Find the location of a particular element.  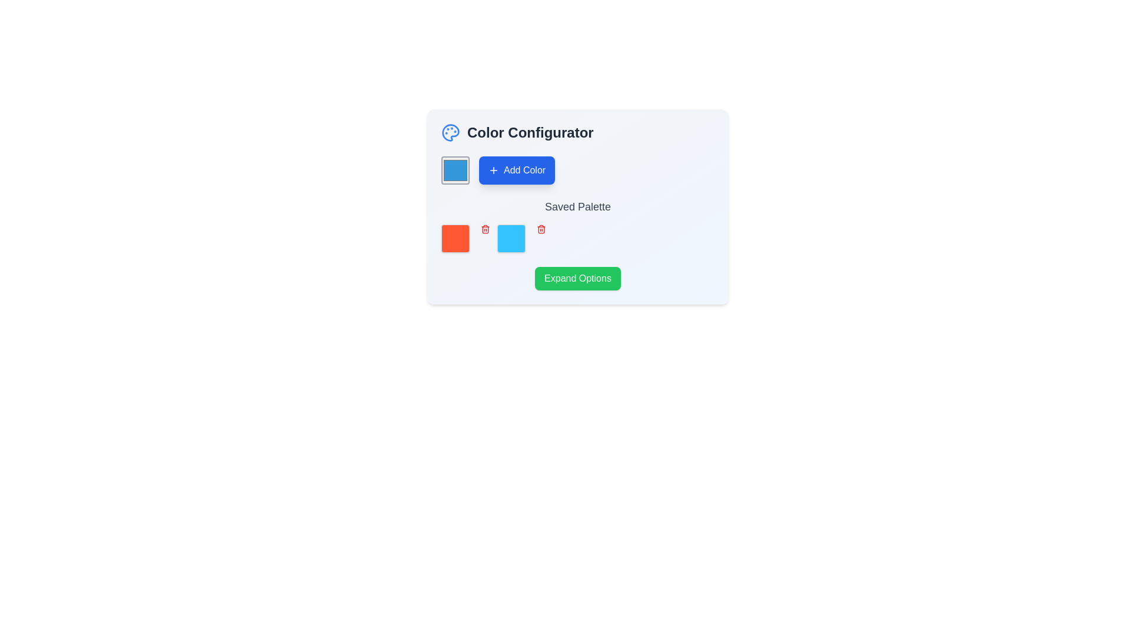

the 'Add Color' button's SVG icon, which visually represents the 'Add' action, located in the upper-middle section of the Color Configurator interface is located at coordinates (494, 170).